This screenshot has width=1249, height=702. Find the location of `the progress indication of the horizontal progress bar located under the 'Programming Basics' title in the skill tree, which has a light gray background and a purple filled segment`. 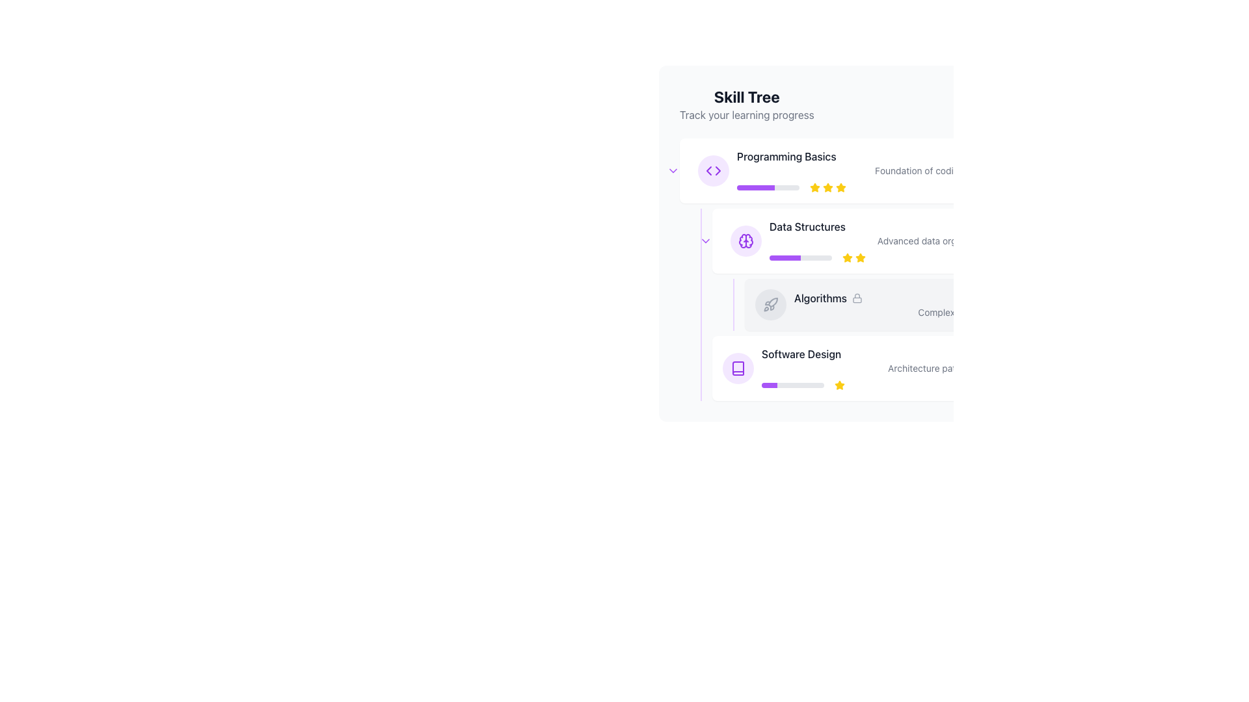

the progress indication of the horizontal progress bar located under the 'Programming Basics' title in the skill tree, which has a light gray background and a purple filled segment is located at coordinates (768, 188).